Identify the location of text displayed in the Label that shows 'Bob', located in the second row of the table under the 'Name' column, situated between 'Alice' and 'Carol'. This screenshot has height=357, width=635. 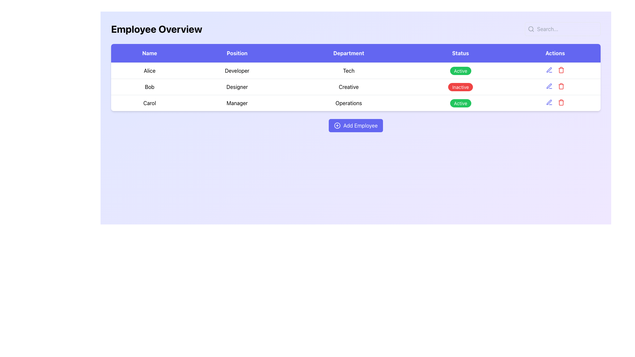
(149, 86).